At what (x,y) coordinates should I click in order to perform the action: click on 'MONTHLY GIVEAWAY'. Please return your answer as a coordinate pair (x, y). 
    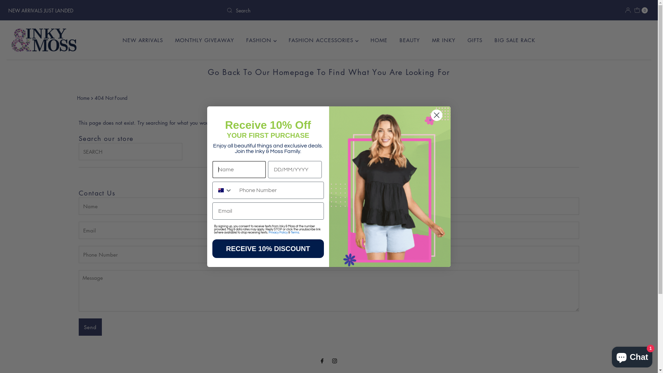
    Looking at the image, I should click on (204, 40).